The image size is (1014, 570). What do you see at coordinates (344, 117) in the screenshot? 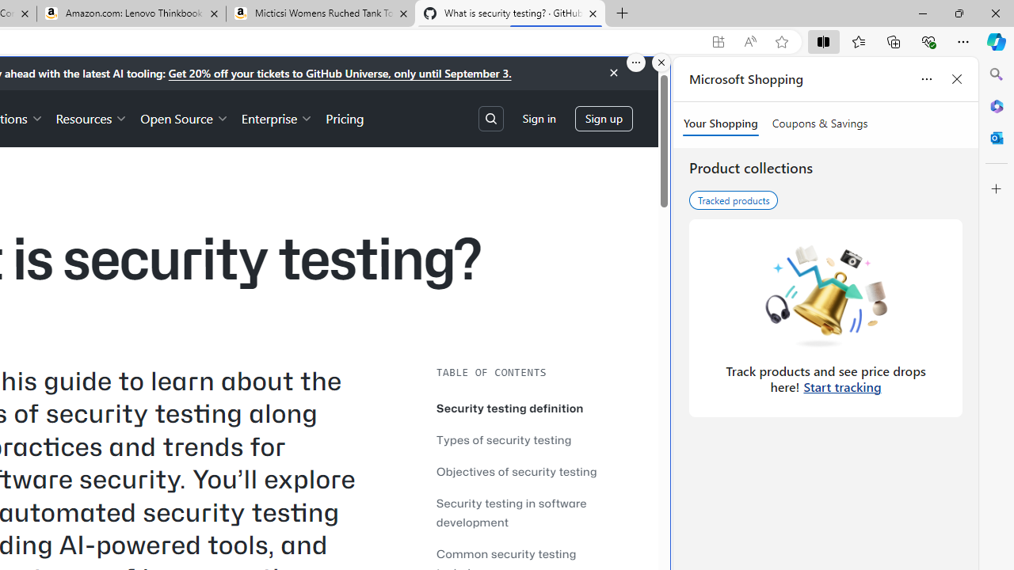
I see `'Pricing'` at bounding box center [344, 117].